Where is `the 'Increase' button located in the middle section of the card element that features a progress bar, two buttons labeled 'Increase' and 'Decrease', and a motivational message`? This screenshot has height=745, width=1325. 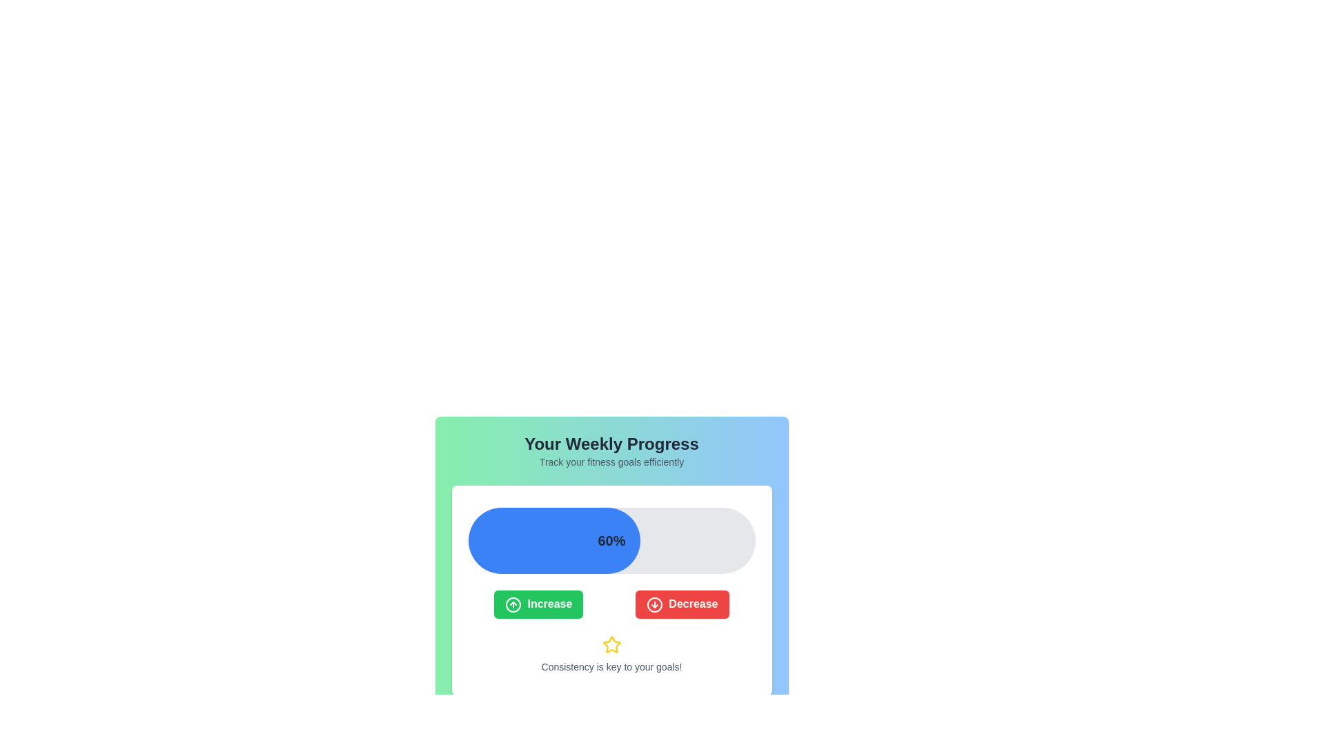
the 'Increase' button located in the middle section of the card element that features a progress bar, two buttons labeled 'Increase' and 'Decrease', and a motivational message is located at coordinates (611, 590).